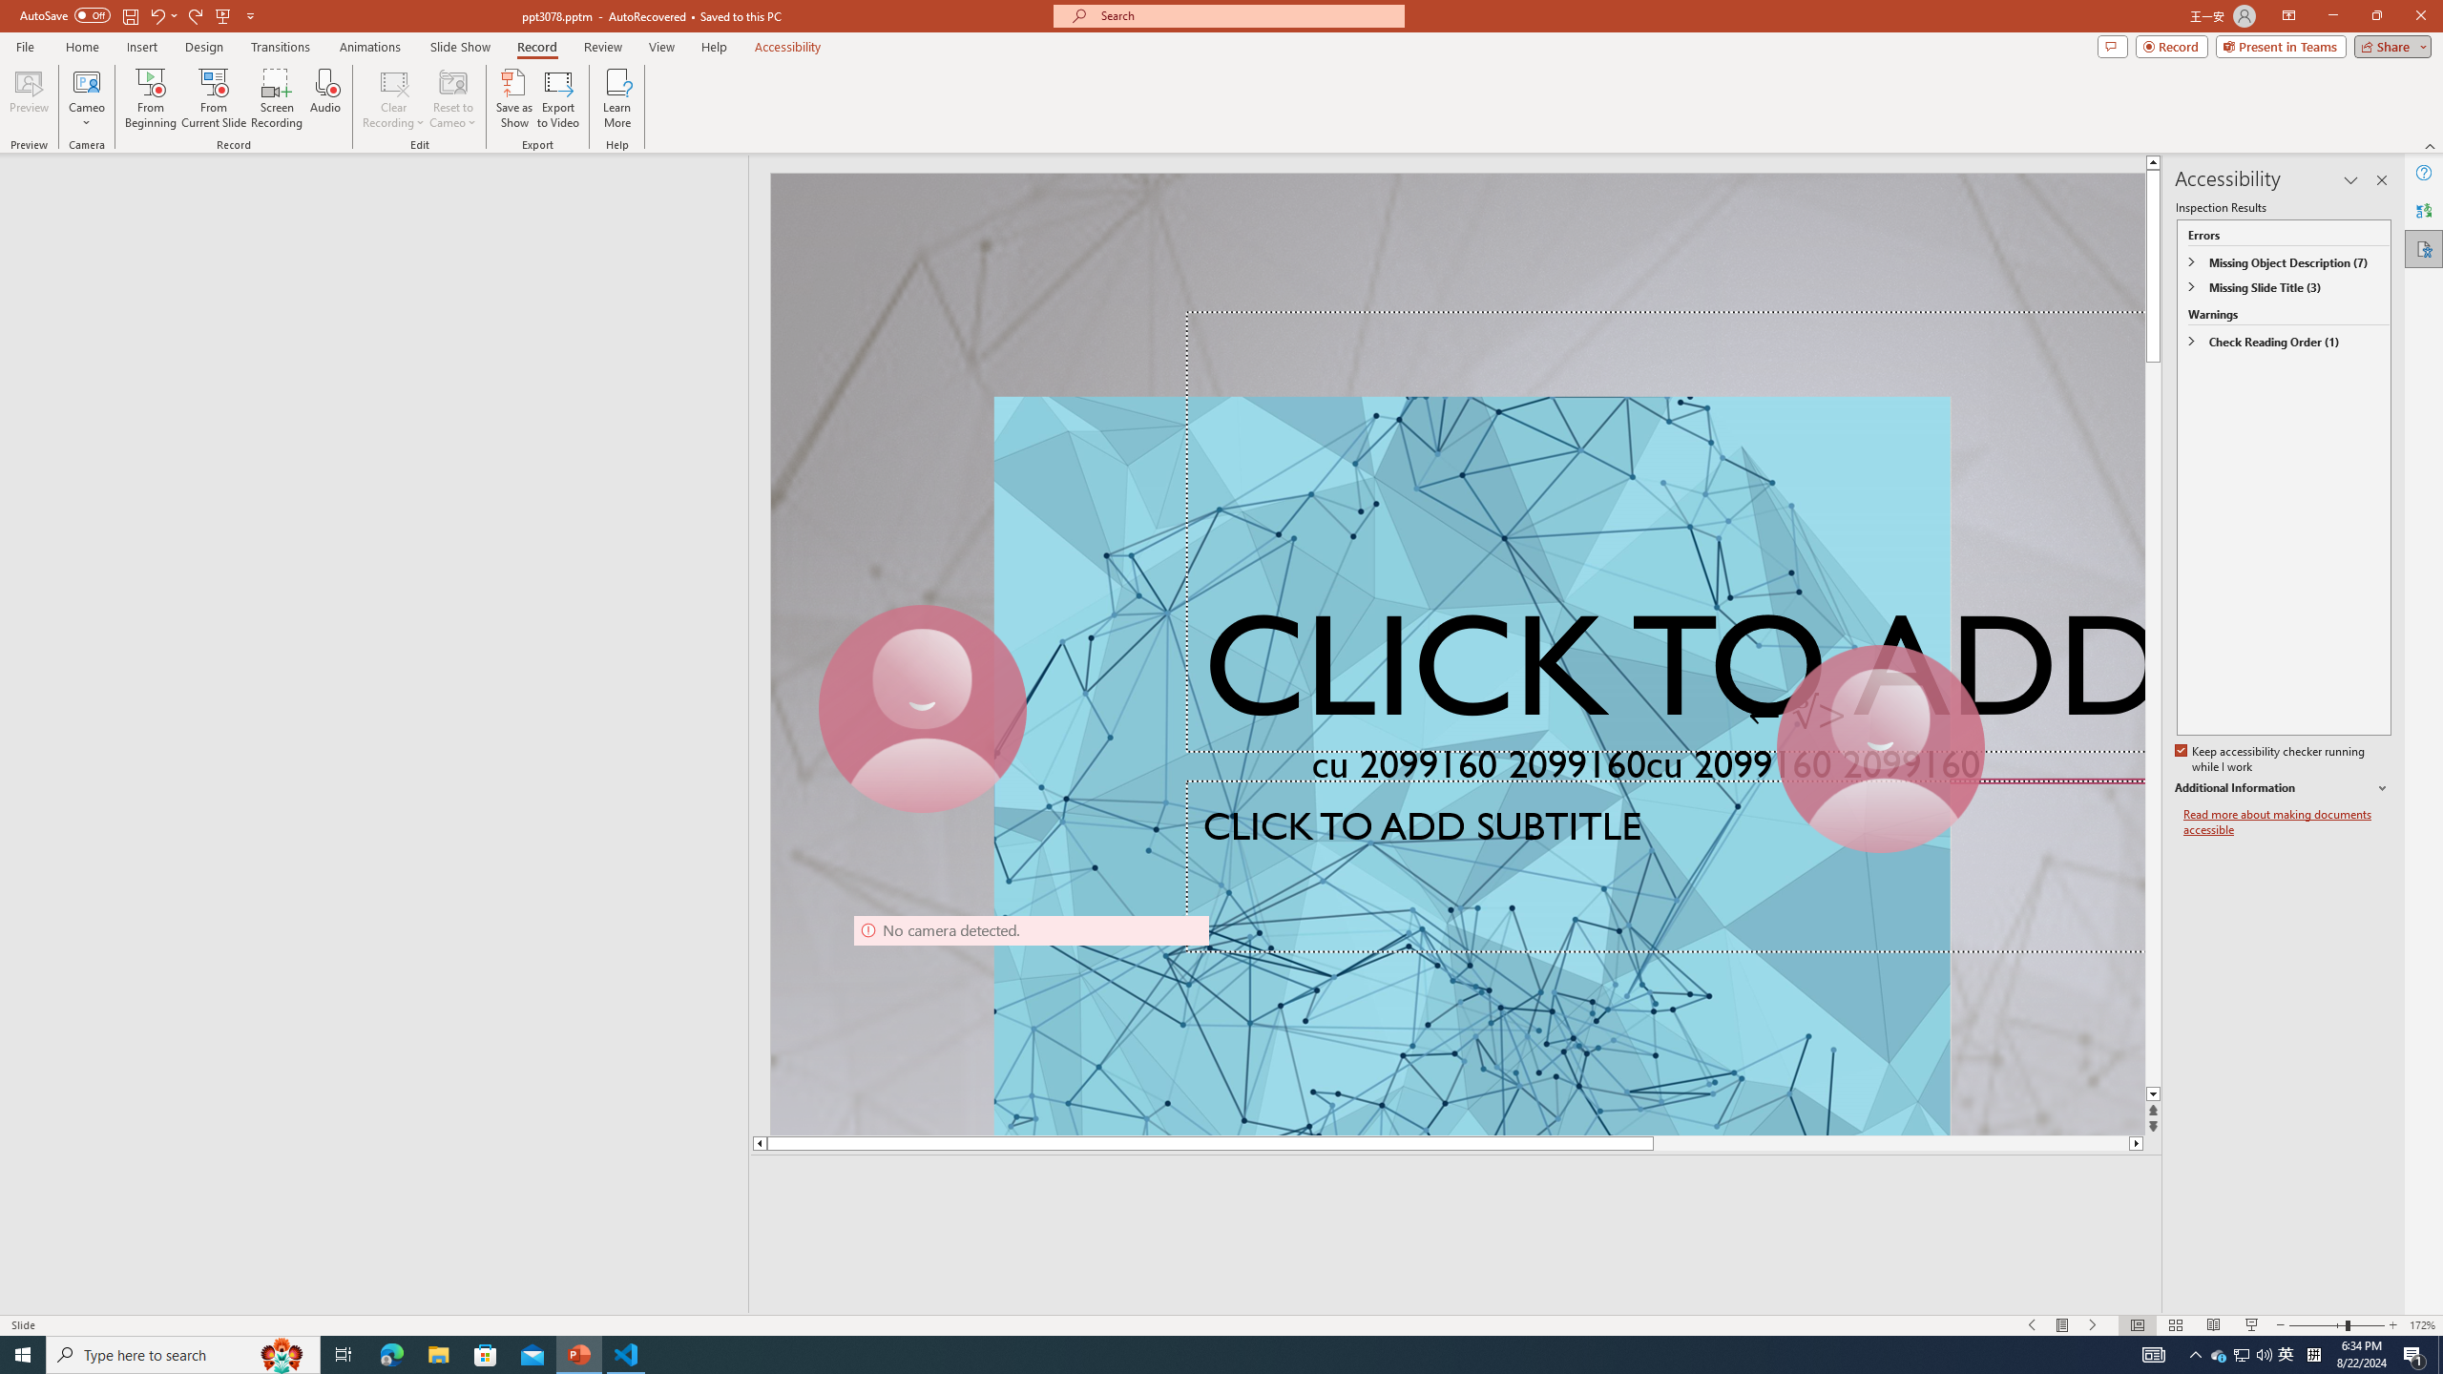  Describe the element at coordinates (451, 98) in the screenshot. I see `'Reset to Cameo'` at that location.